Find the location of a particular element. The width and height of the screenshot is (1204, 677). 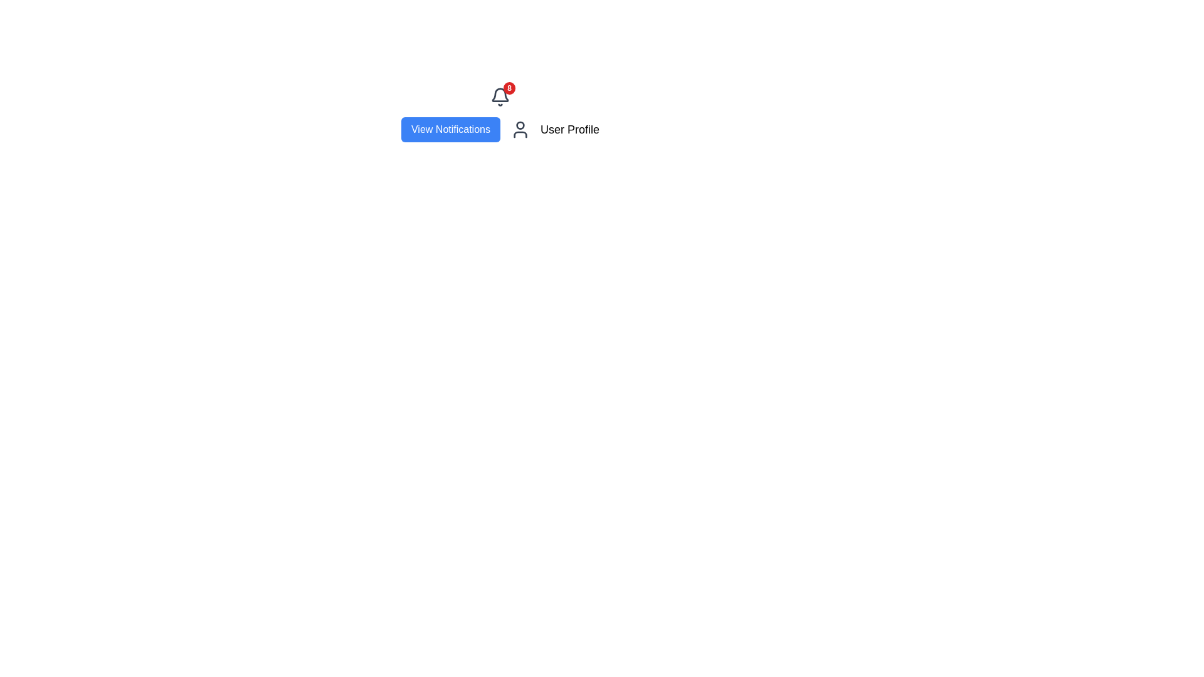

the SVG icon representing the user profile, which is positioned between the 'View Notifications' button and the 'User Profile' label is located at coordinates (520, 130).